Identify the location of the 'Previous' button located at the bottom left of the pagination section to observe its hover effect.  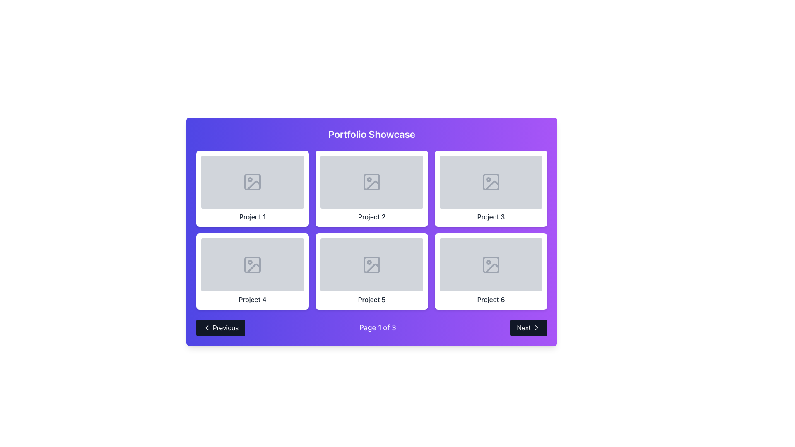
(221, 327).